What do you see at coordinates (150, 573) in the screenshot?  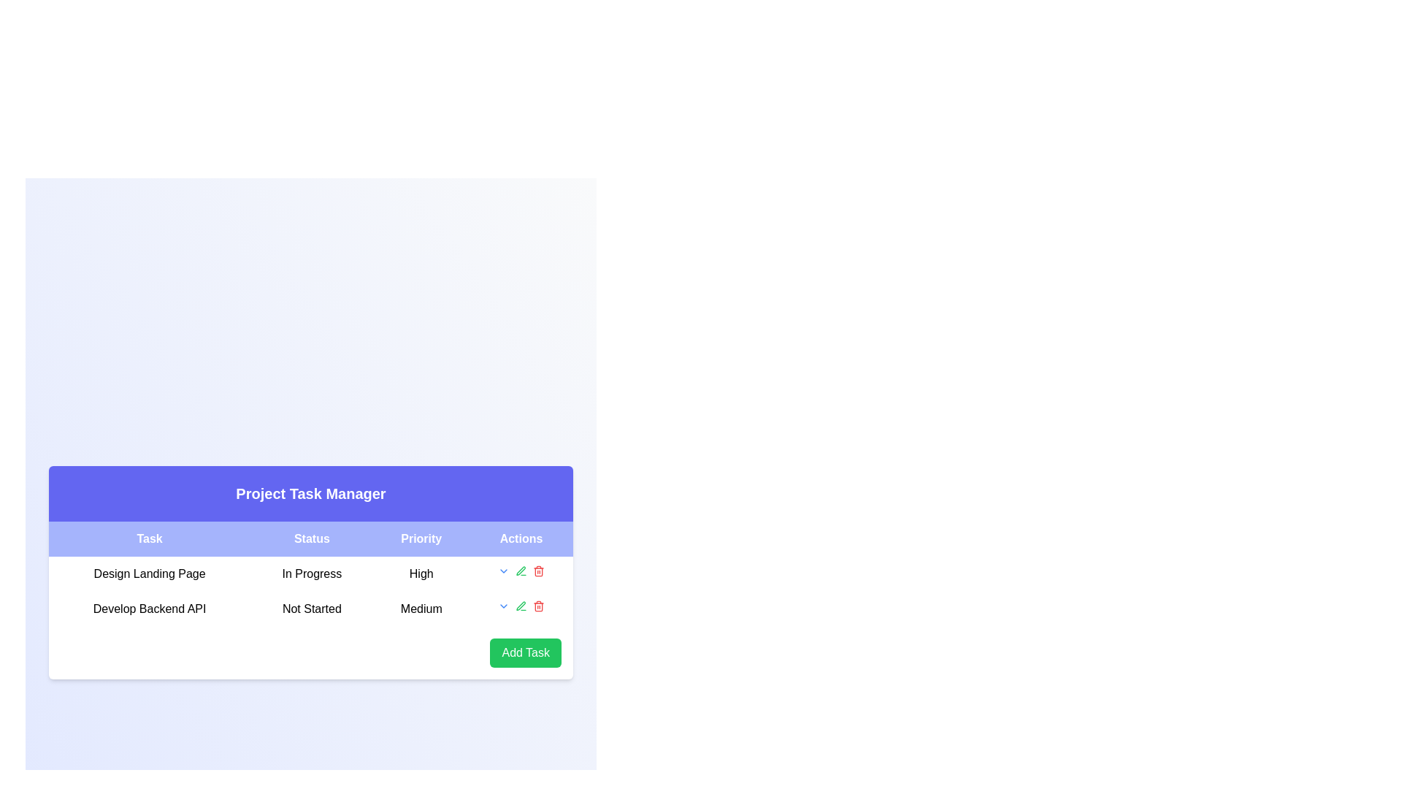 I see `the Text element in the first column of the first data row of the task management table that displays the title or identifier of a task` at bounding box center [150, 573].